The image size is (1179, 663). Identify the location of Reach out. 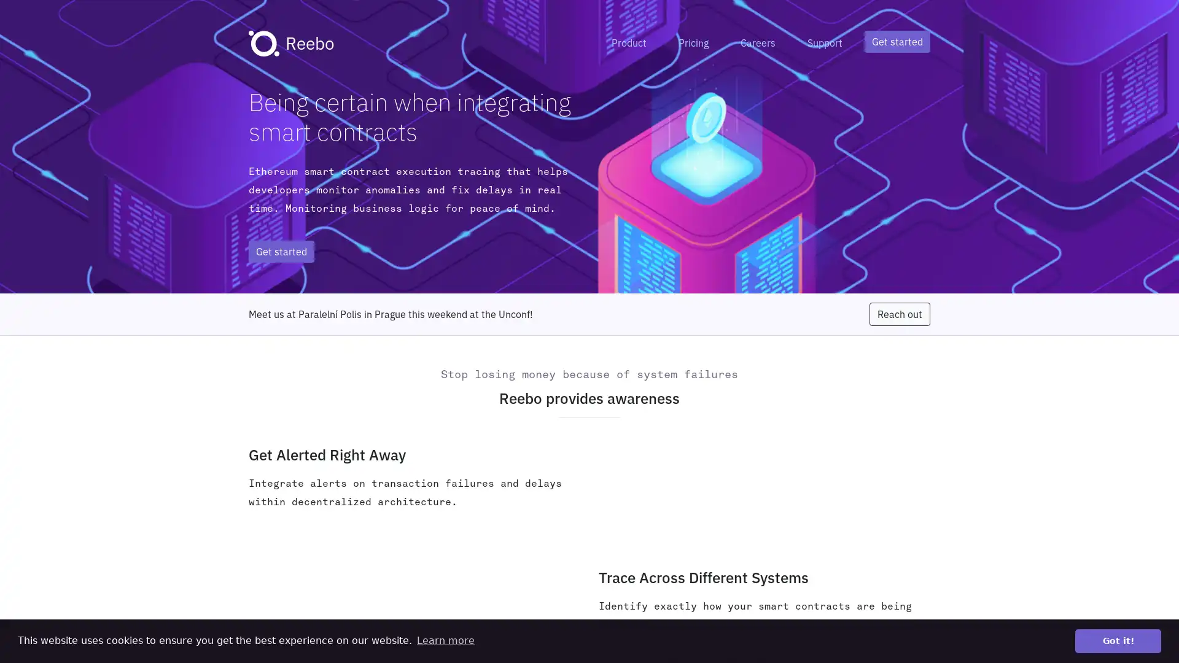
(900, 314).